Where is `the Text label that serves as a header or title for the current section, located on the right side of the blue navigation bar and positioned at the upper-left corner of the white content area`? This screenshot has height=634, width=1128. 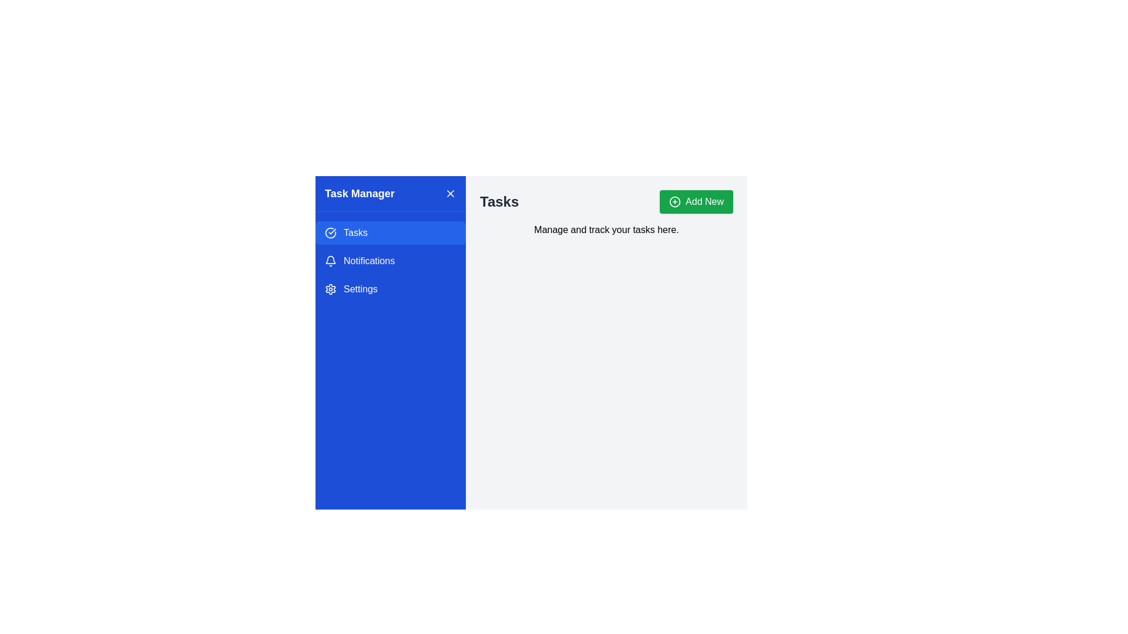 the Text label that serves as a header or title for the current section, located on the right side of the blue navigation bar and positioned at the upper-left corner of the white content area is located at coordinates (499, 201).